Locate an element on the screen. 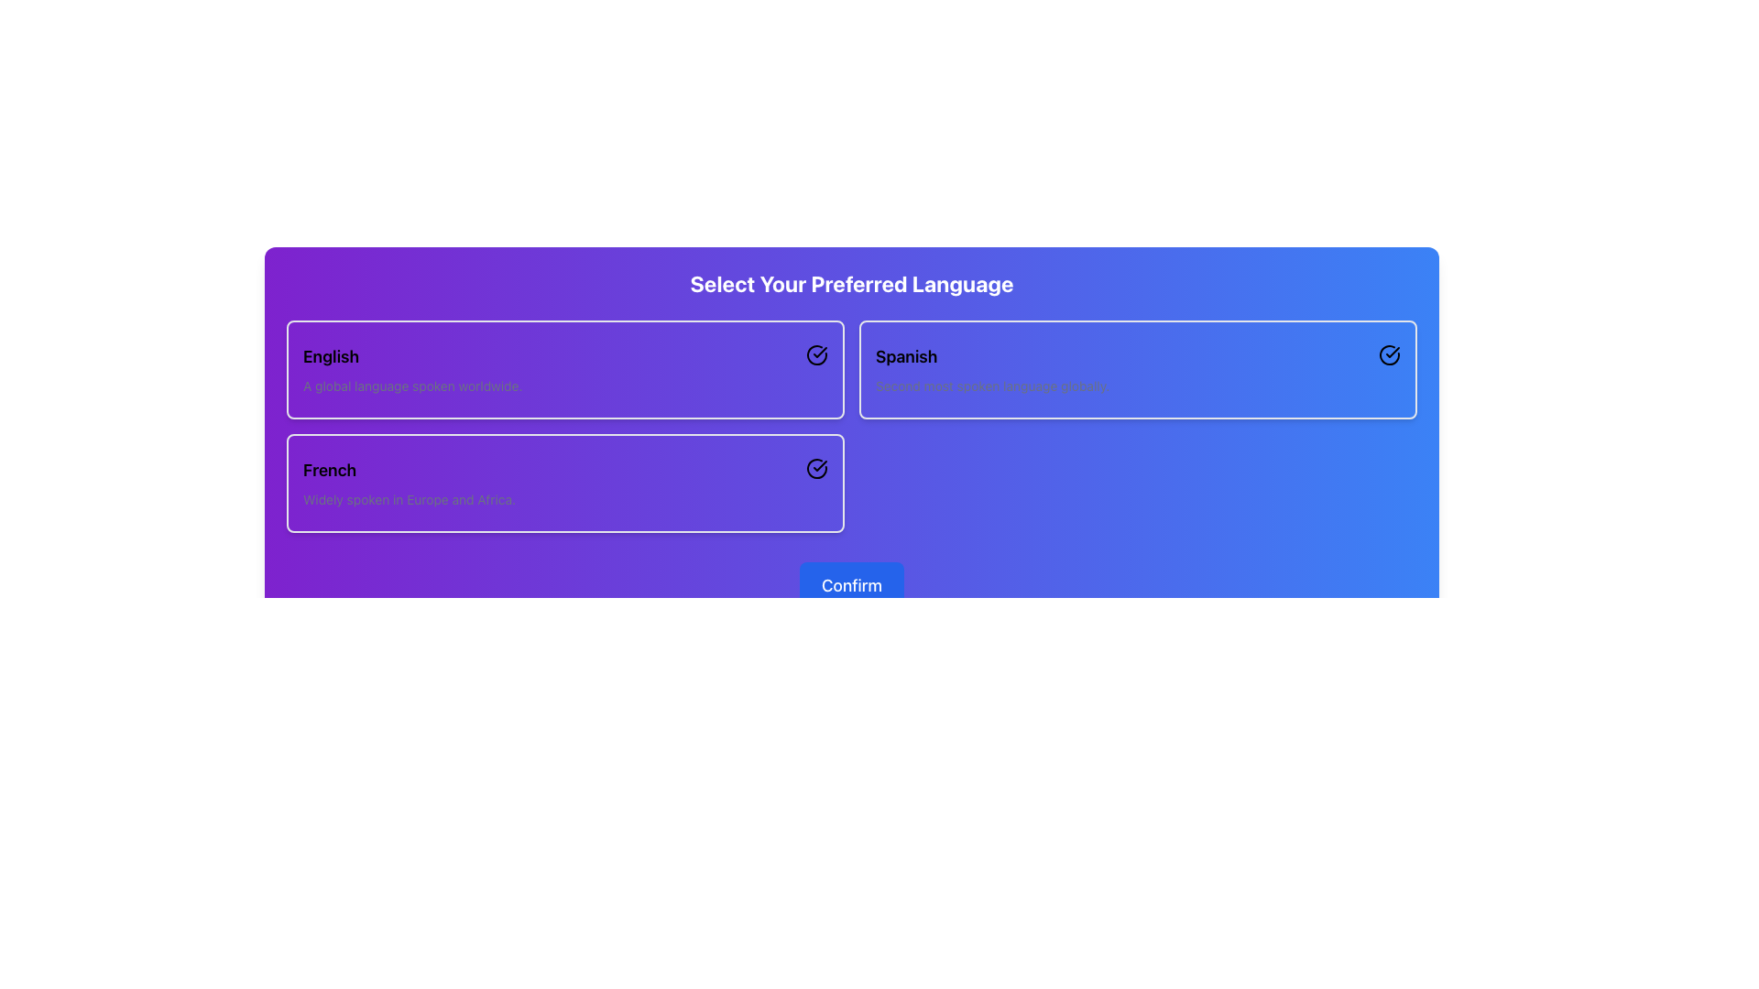  the Checkbox icon next to the 'French' language option, which is represented by a checkmark within a circle and outlined with a bold black stroke is located at coordinates (816, 468).